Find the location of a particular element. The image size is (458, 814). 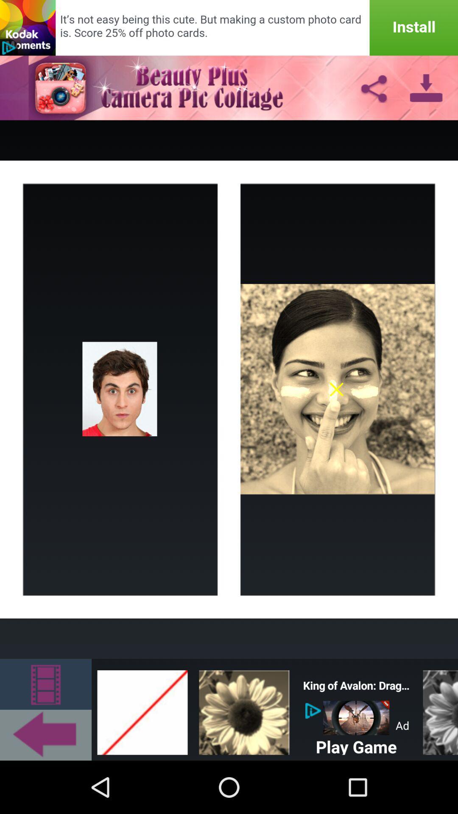

image right to left arrow at bottom left is located at coordinates (142, 710).